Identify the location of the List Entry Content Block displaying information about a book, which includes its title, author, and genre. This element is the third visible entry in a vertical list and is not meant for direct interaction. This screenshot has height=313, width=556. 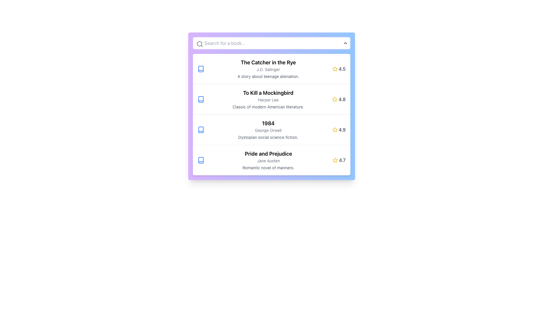
(268, 129).